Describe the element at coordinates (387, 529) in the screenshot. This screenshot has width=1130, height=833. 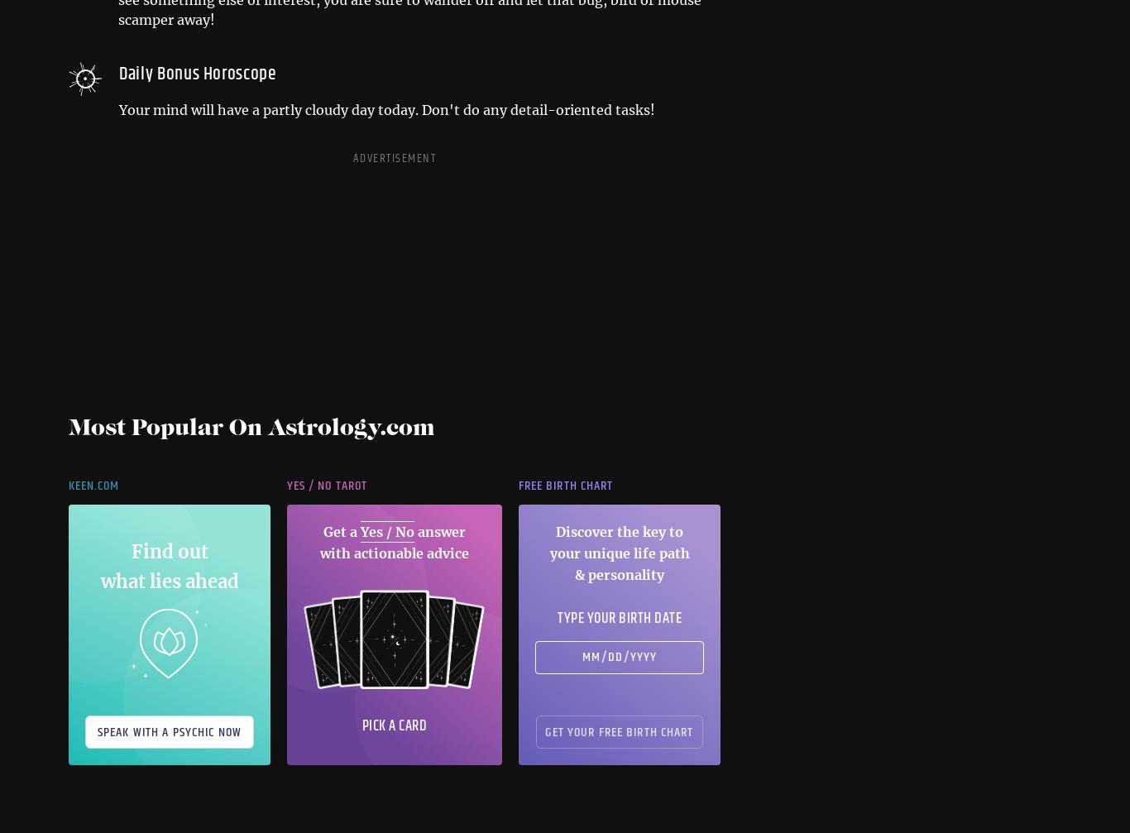
I see `'Yes / No'` at that location.